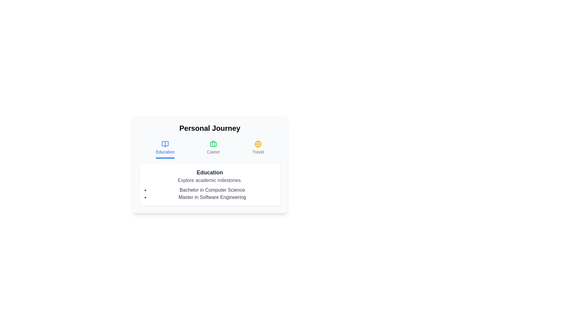 Image resolution: width=581 pixels, height=327 pixels. I want to click on the third navigation option text label that indicates its purpose, located below a globe icon, to provide navigation or selection functionality, so click(258, 151).